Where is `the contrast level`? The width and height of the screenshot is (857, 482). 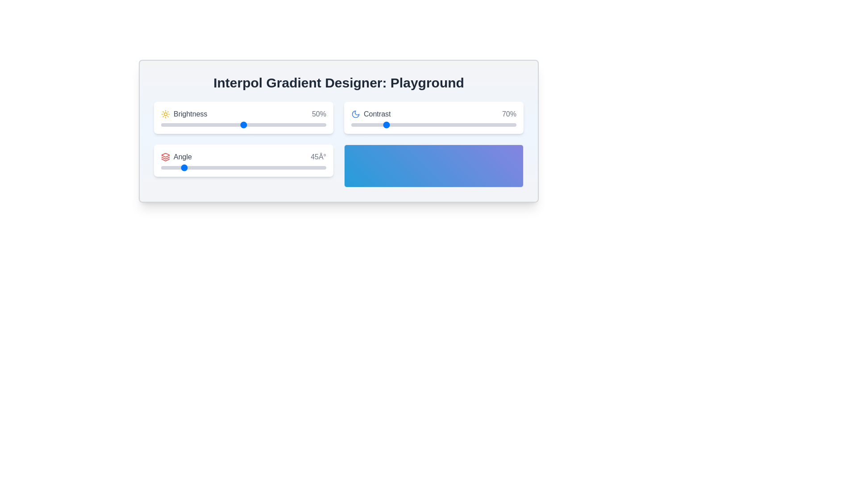
the contrast level is located at coordinates (463, 125).